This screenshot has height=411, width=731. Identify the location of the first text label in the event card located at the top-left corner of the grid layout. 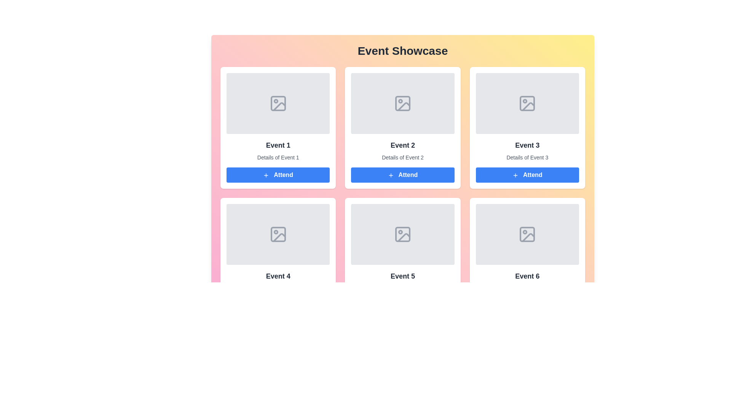
(278, 145).